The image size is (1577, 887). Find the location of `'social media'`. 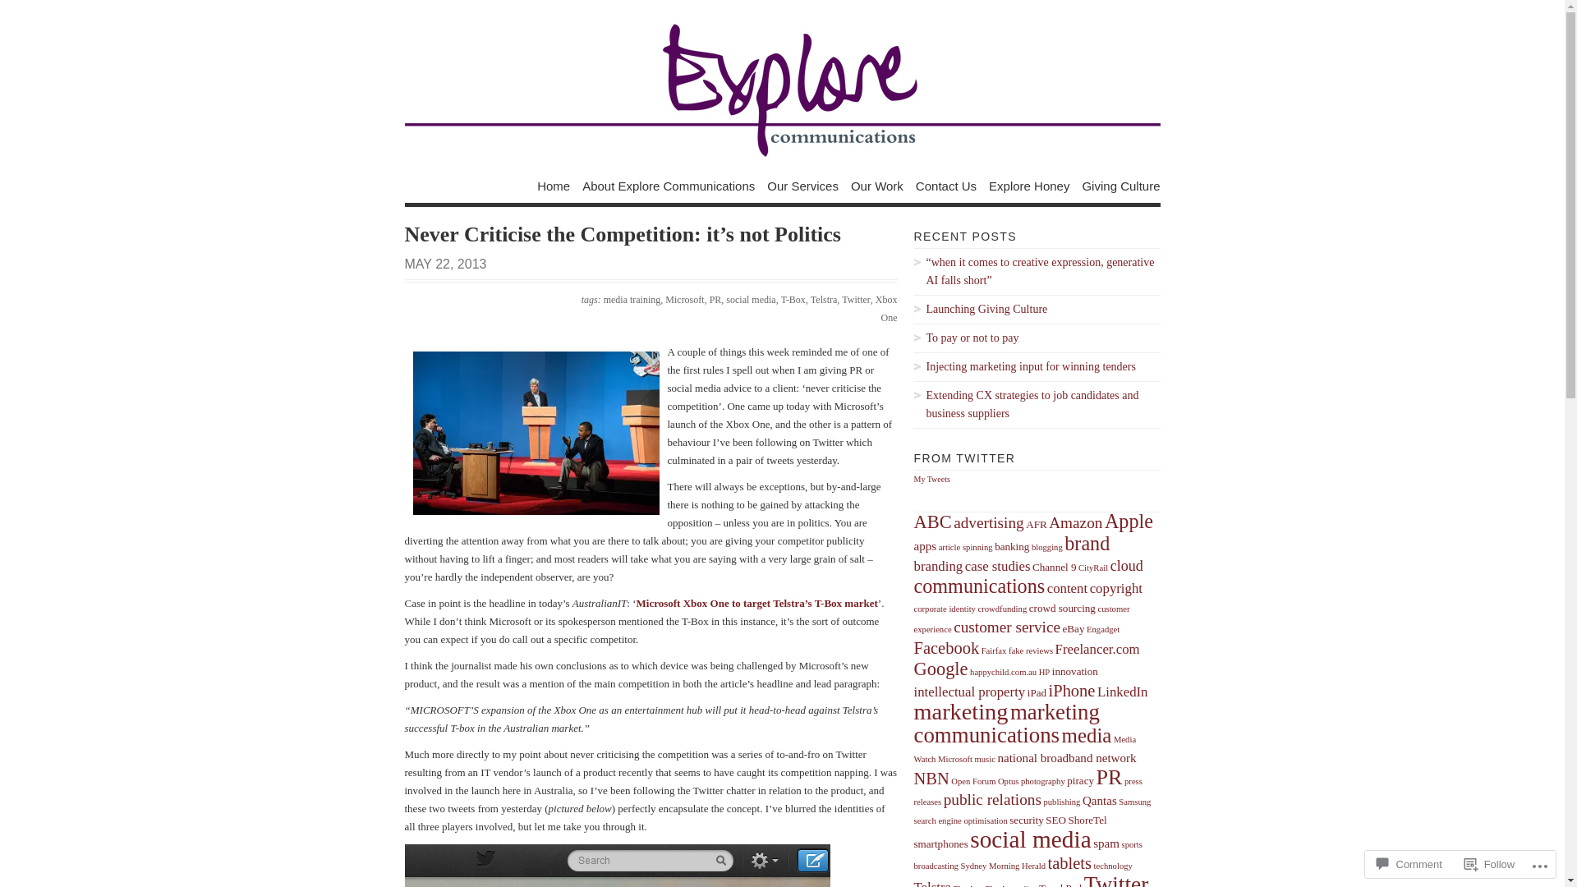

'social media' is located at coordinates (749, 300).